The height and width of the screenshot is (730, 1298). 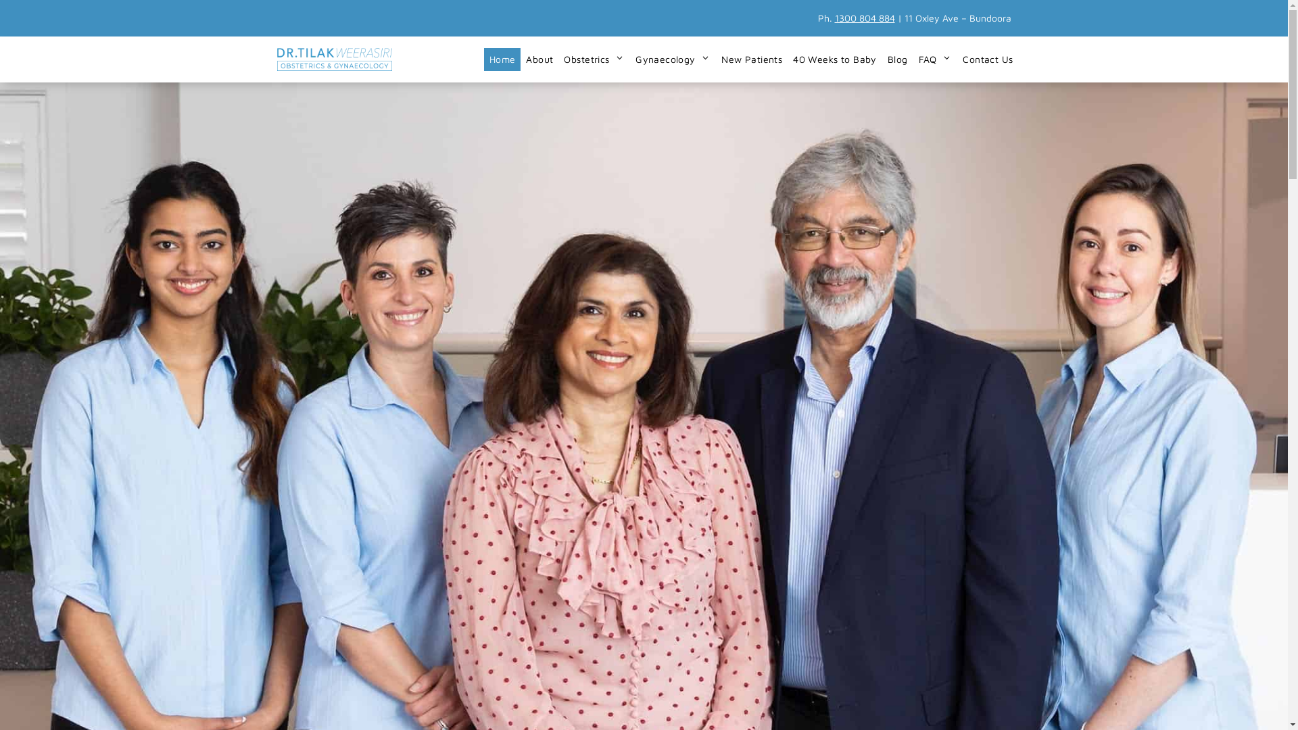 I want to click on '1300 804 884', so click(x=863, y=18).